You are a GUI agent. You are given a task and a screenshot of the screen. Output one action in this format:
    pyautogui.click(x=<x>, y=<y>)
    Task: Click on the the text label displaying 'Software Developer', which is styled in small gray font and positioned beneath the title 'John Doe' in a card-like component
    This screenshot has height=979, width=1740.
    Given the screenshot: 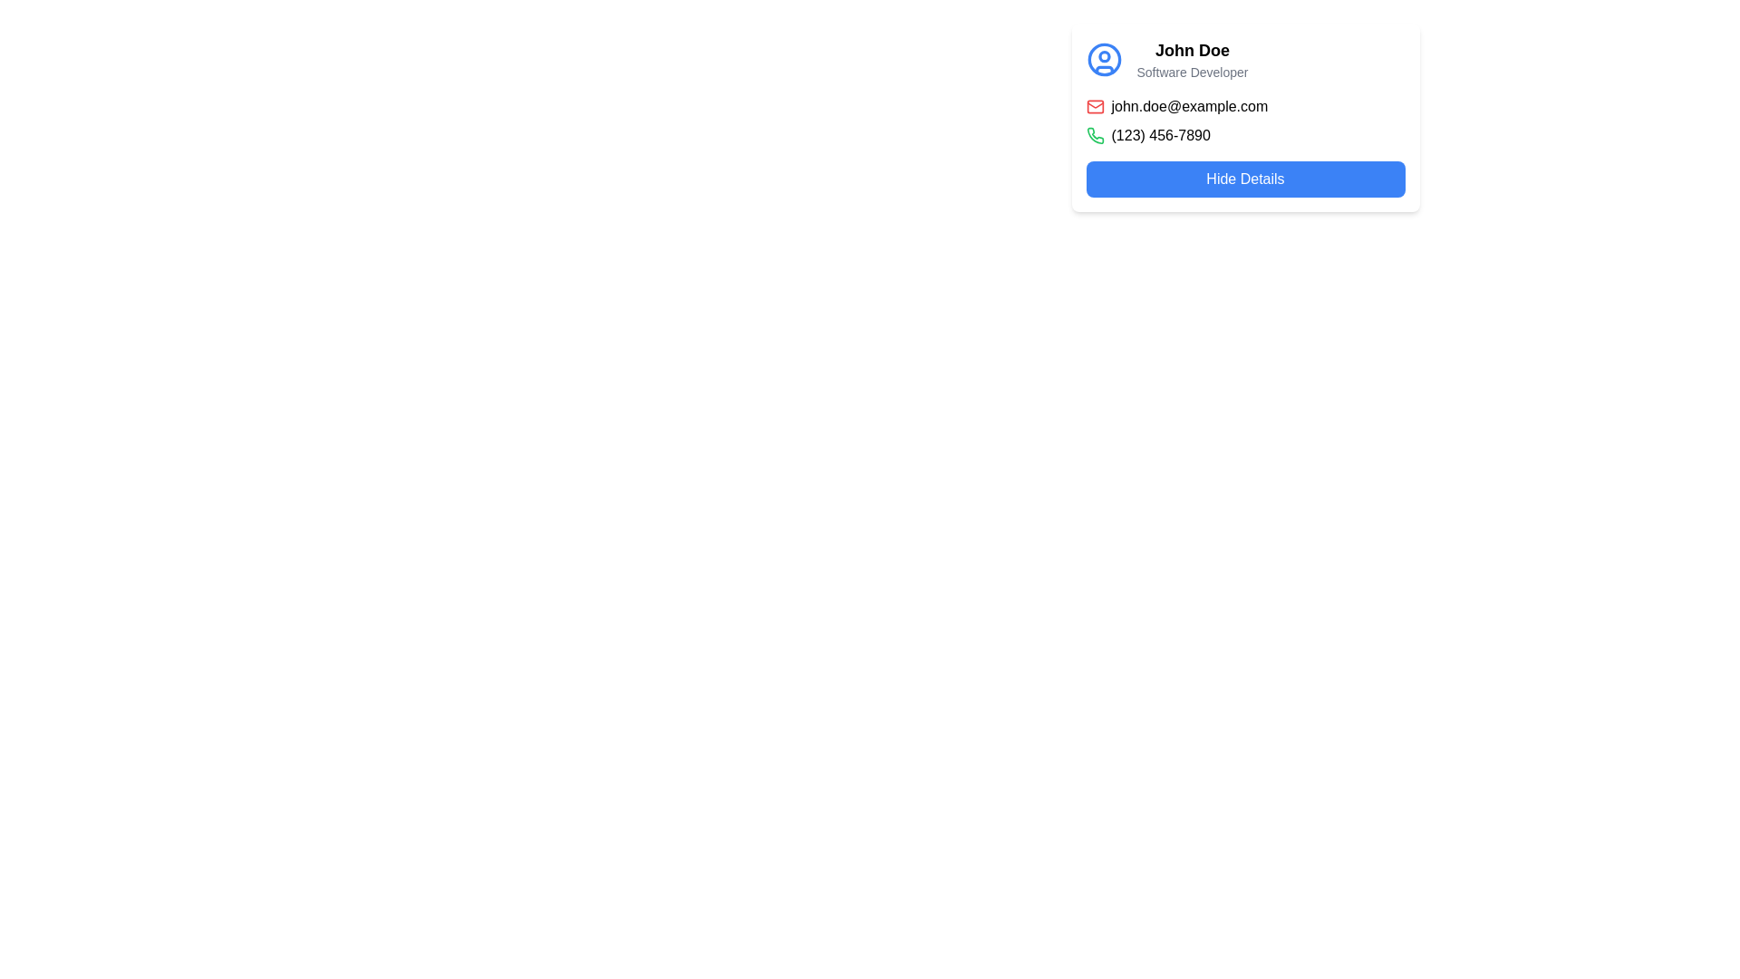 What is the action you would take?
    pyautogui.click(x=1192, y=72)
    